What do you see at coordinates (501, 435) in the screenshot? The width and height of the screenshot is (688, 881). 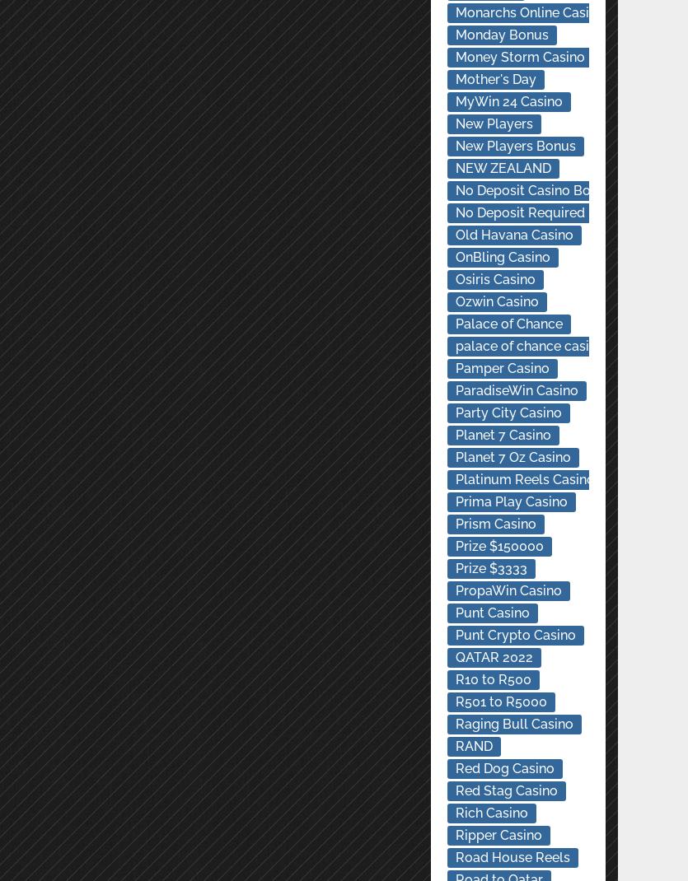 I see `'Planet 7 Casino'` at bounding box center [501, 435].